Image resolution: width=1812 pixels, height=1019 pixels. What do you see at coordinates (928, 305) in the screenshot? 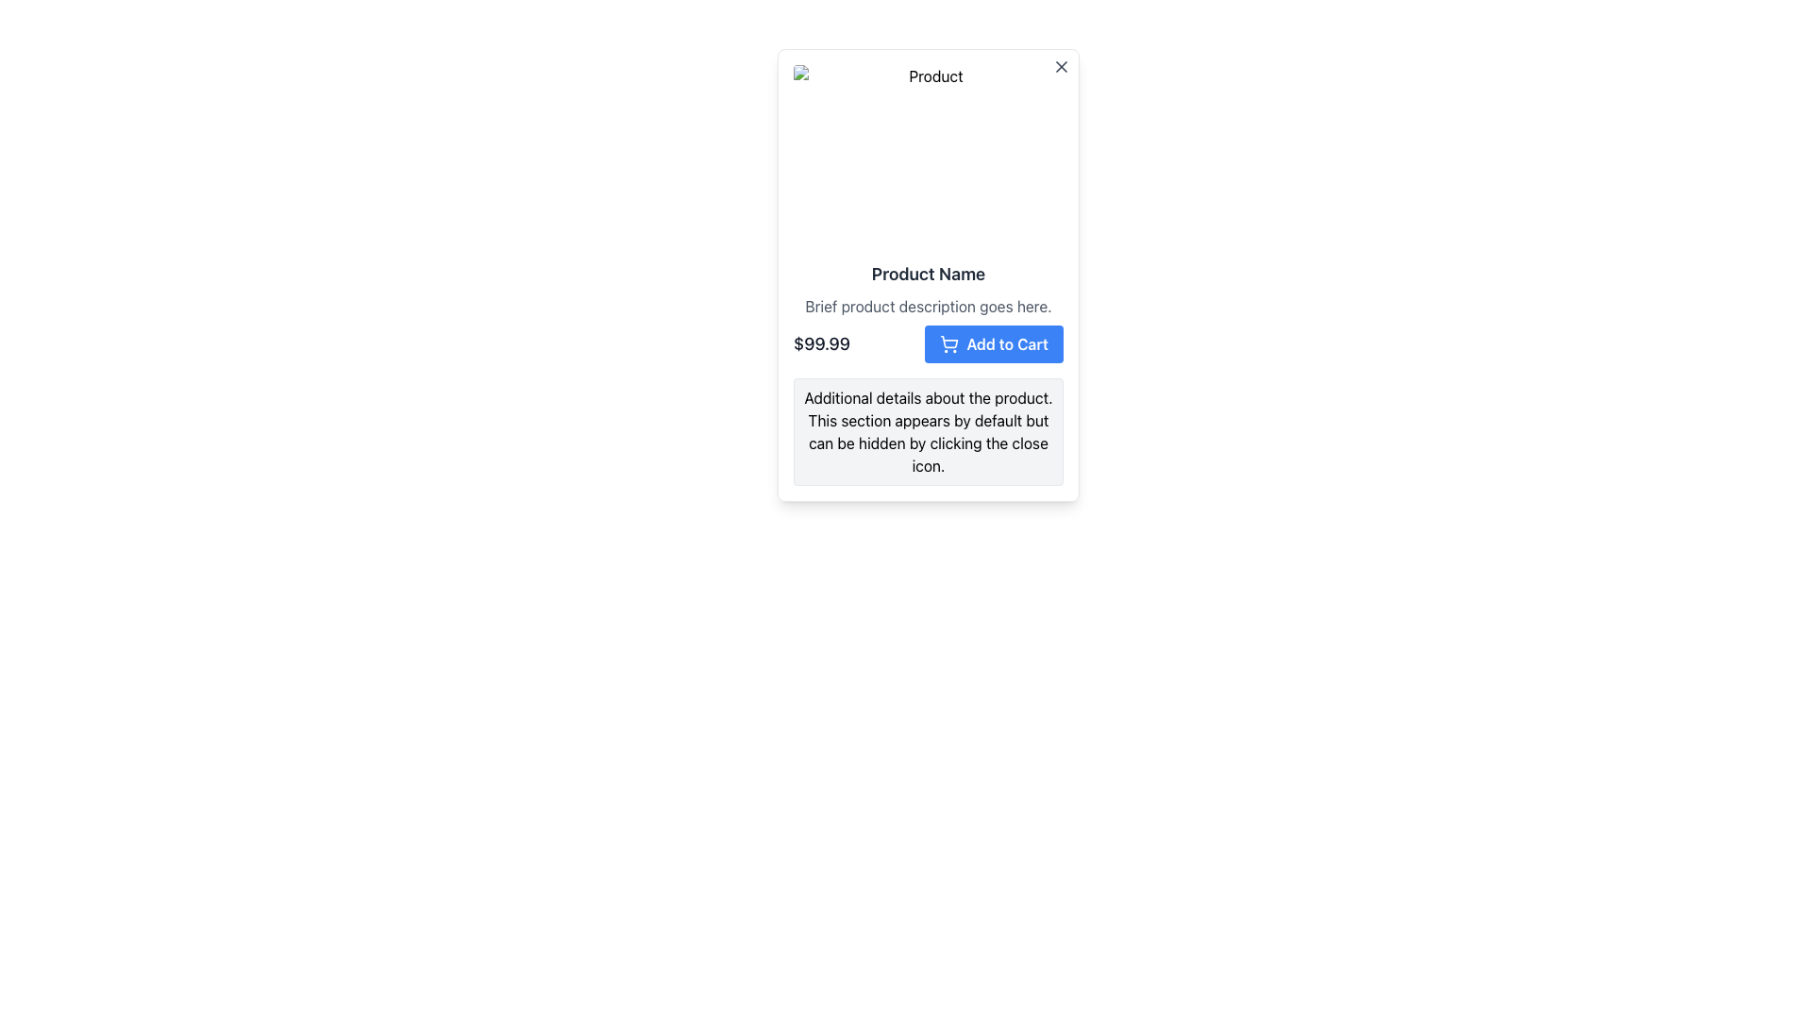
I see `the Text Component that provides a short, supplementary description of the product showcased in the product card layout, located directly below the product name and above the pricing and action button section` at bounding box center [928, 305].